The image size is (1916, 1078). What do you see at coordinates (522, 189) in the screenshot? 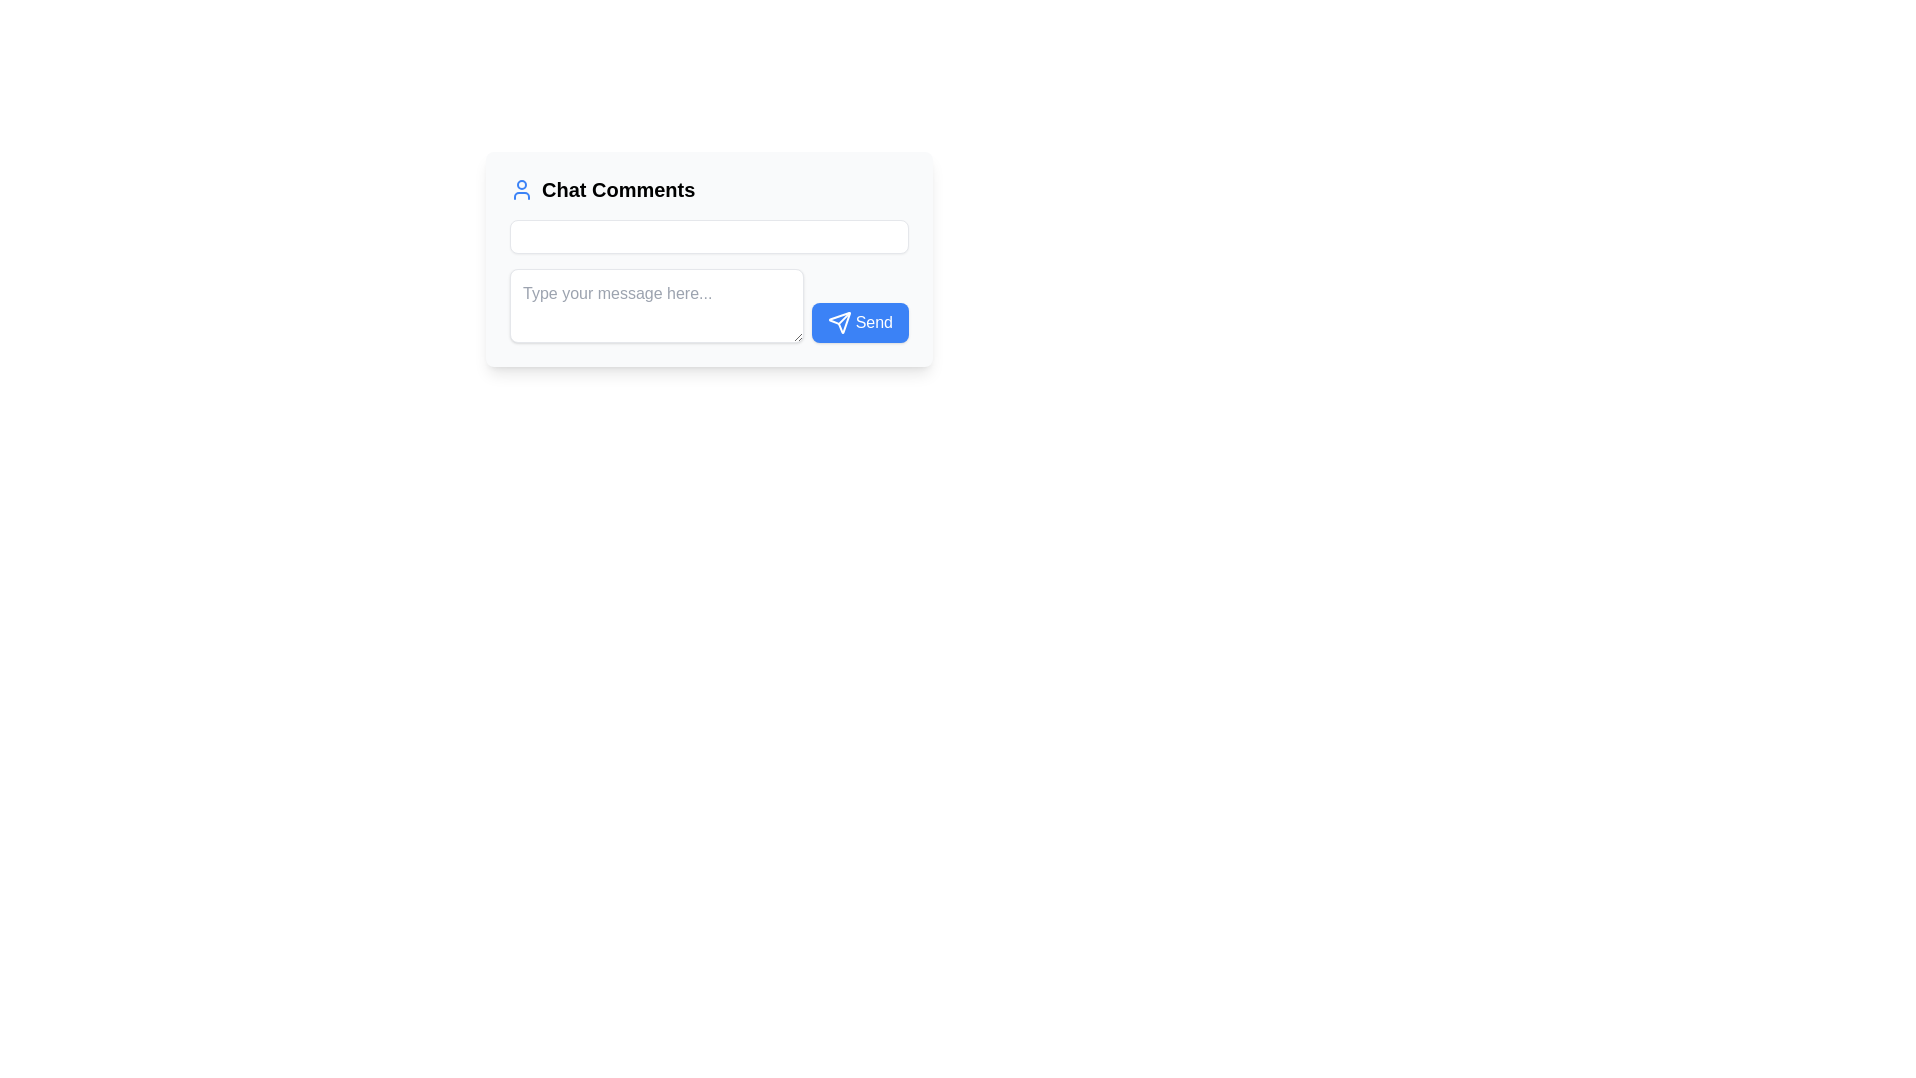
I see `the user icon represented by a blue-filled SVG with a head and shoulders design, located to the left of the 'Chat Comments' text` at bounding box center [522, 189].